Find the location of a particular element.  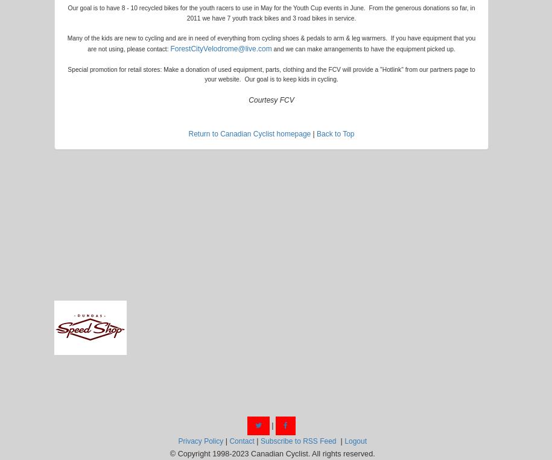

'Back to Top' is located at coordinates (335, 133).